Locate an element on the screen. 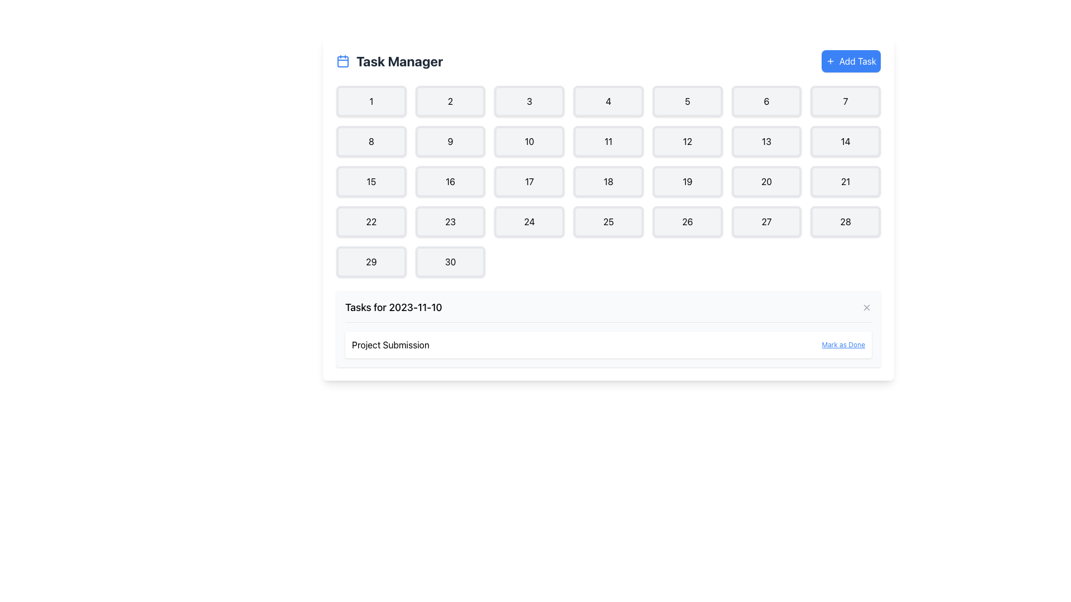  the square button with the text '13' that is the sixth item in the second row of a grid layout for additional visual feedback is located at coordinates (766, 141).